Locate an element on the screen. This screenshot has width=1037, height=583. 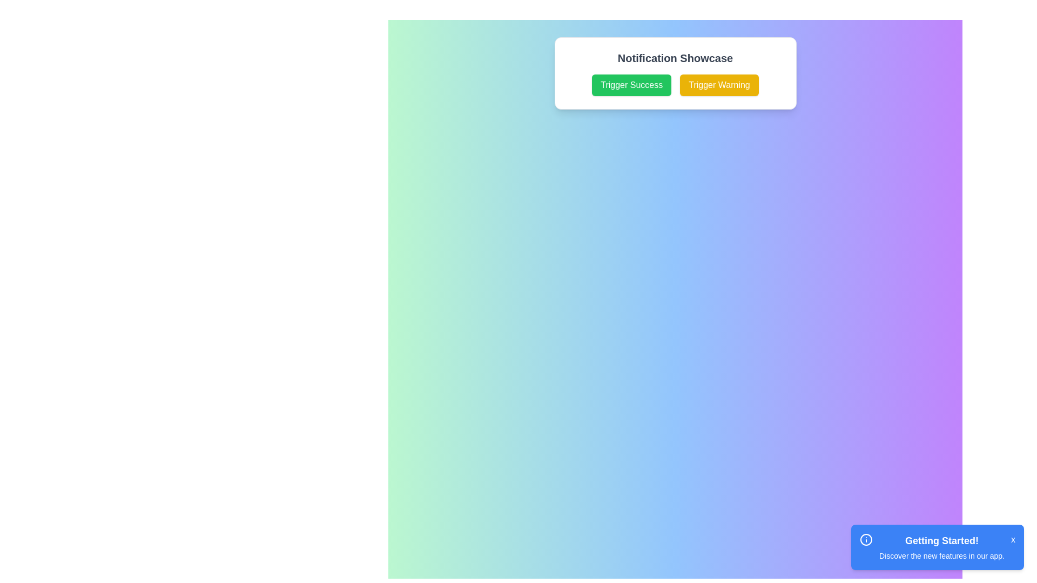
the circular vector-based decorative element located within the notification component labeled 'Getting Started!' in the bottom-right corner of the interface is located at coordinates (866, 539).